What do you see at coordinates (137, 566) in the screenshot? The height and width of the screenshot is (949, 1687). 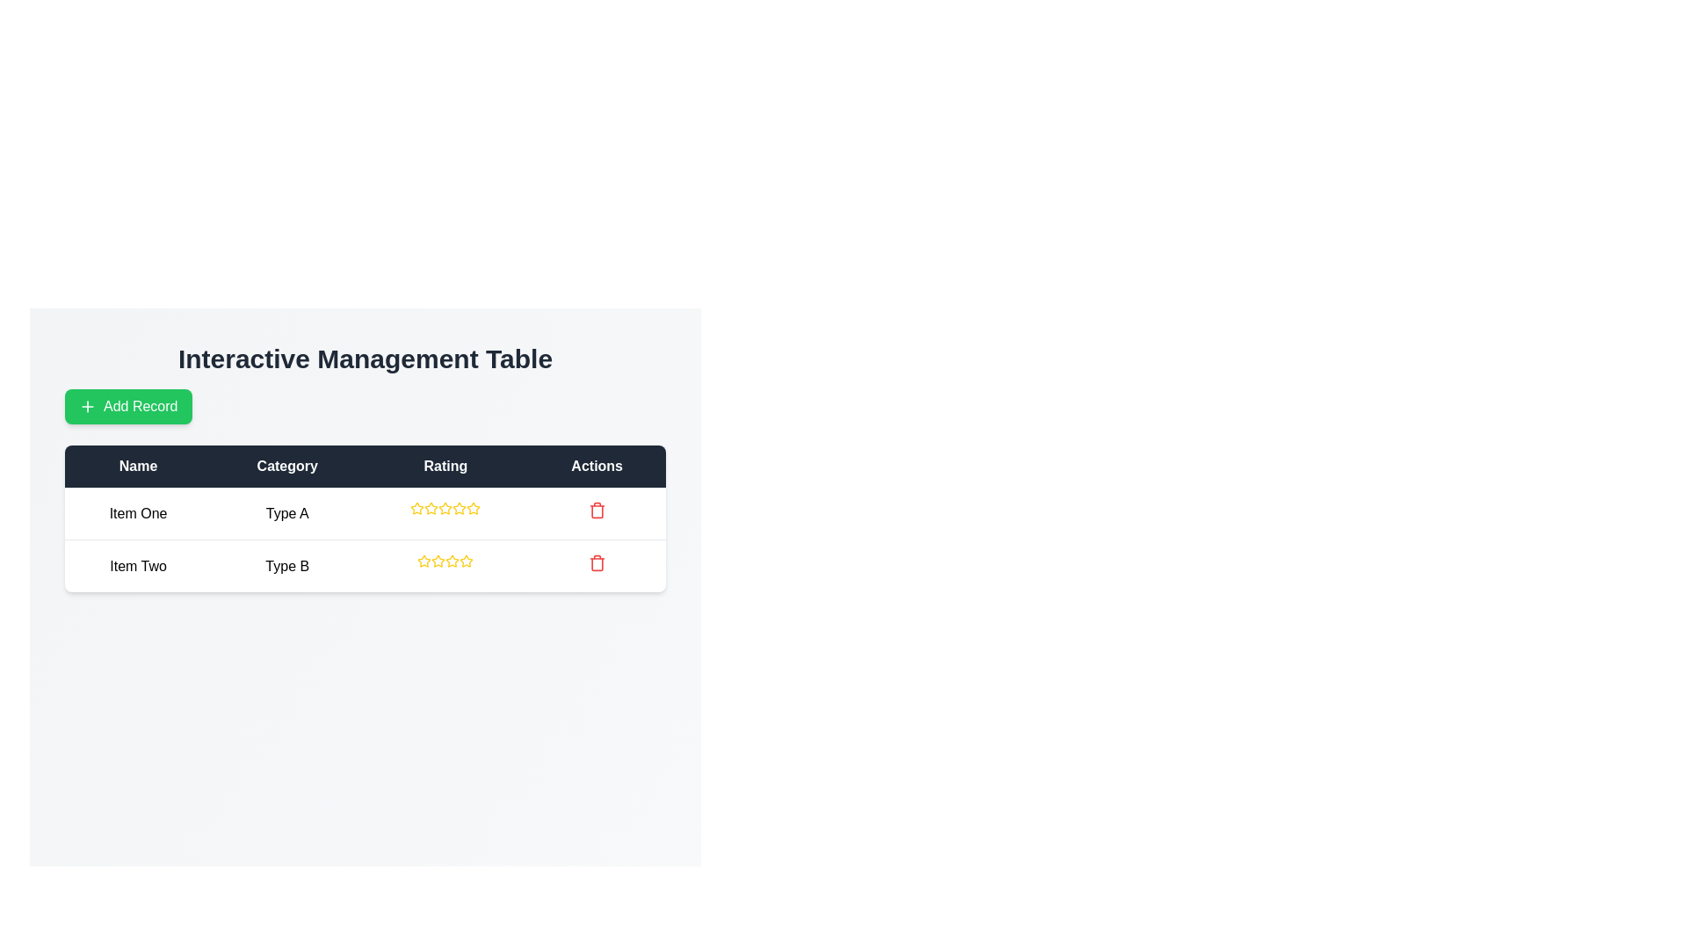 I see `the static text label displaying the name of an item in the second row of the 'Name' column in the data table` at bounding box center [137, 566].